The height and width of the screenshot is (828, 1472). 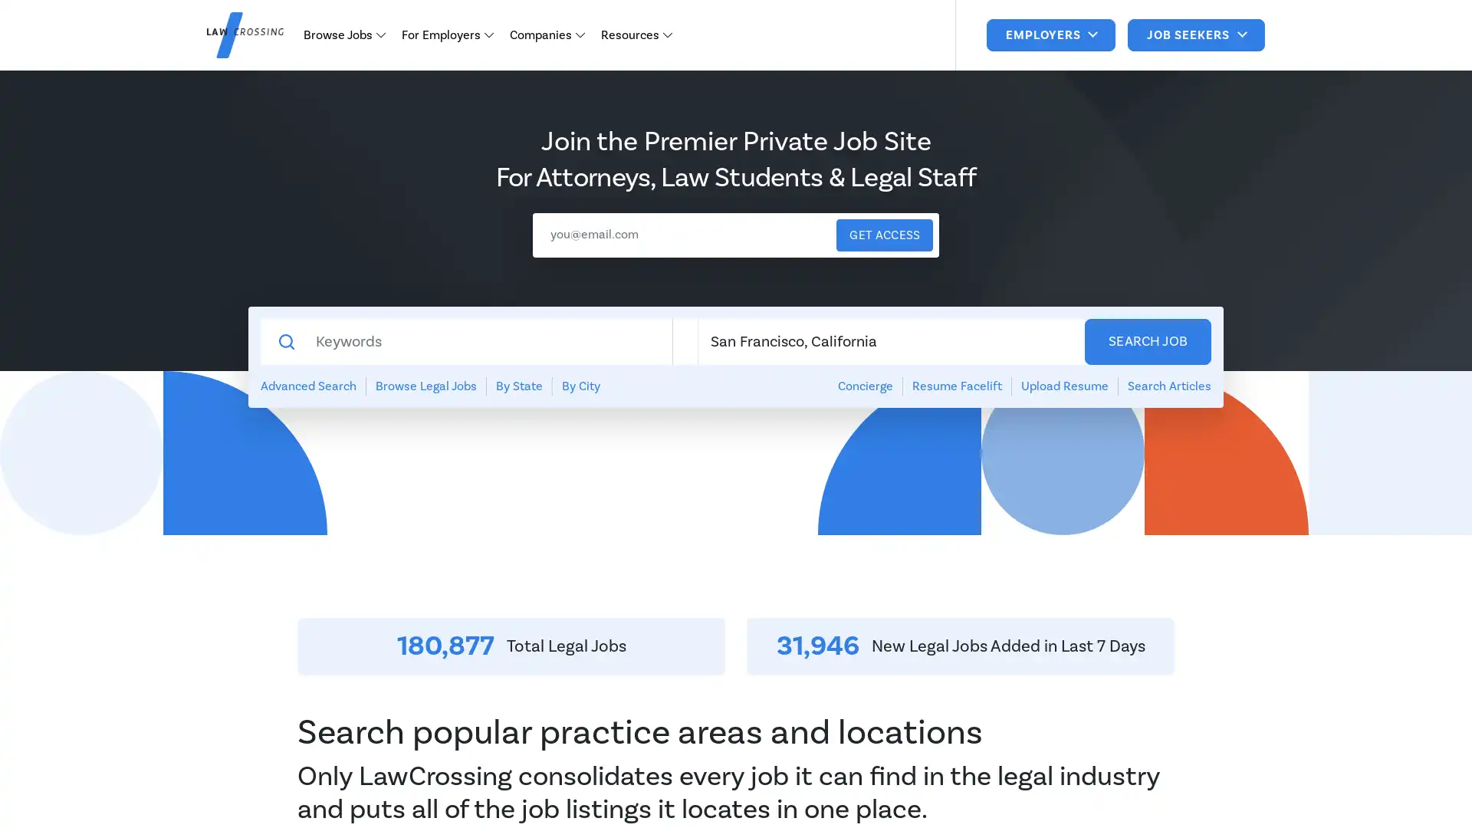 What do you see at coordinates (1195, 34) in the screenshot?
I see `JOB SEEKERS` at bounding box center [1195, 34].